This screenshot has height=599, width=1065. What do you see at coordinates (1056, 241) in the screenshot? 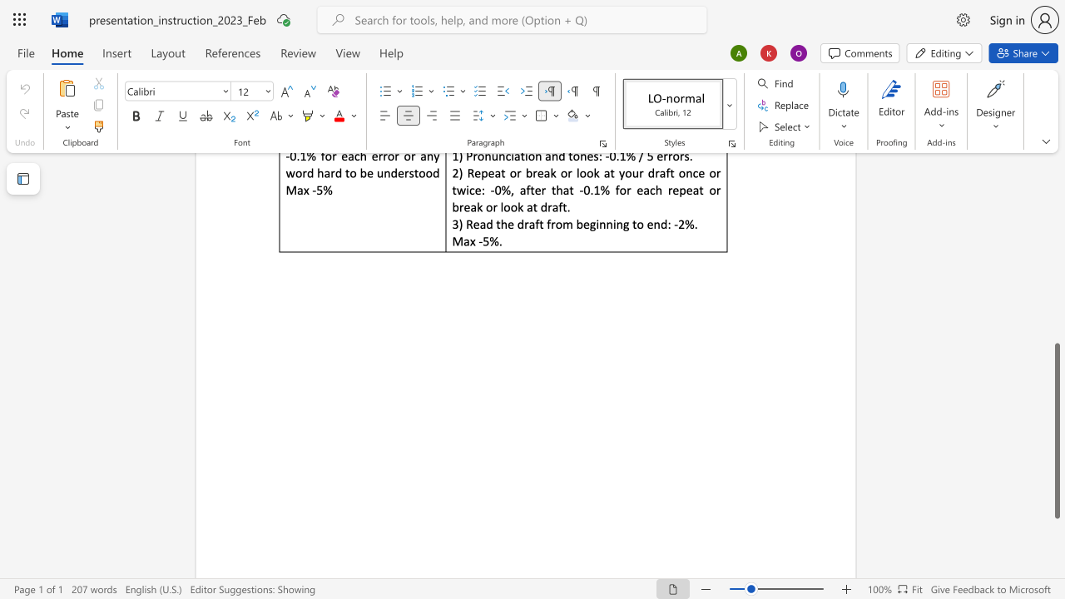
I see `the page's right scrollbar for upward movement` at bounding box center [1056, 241].